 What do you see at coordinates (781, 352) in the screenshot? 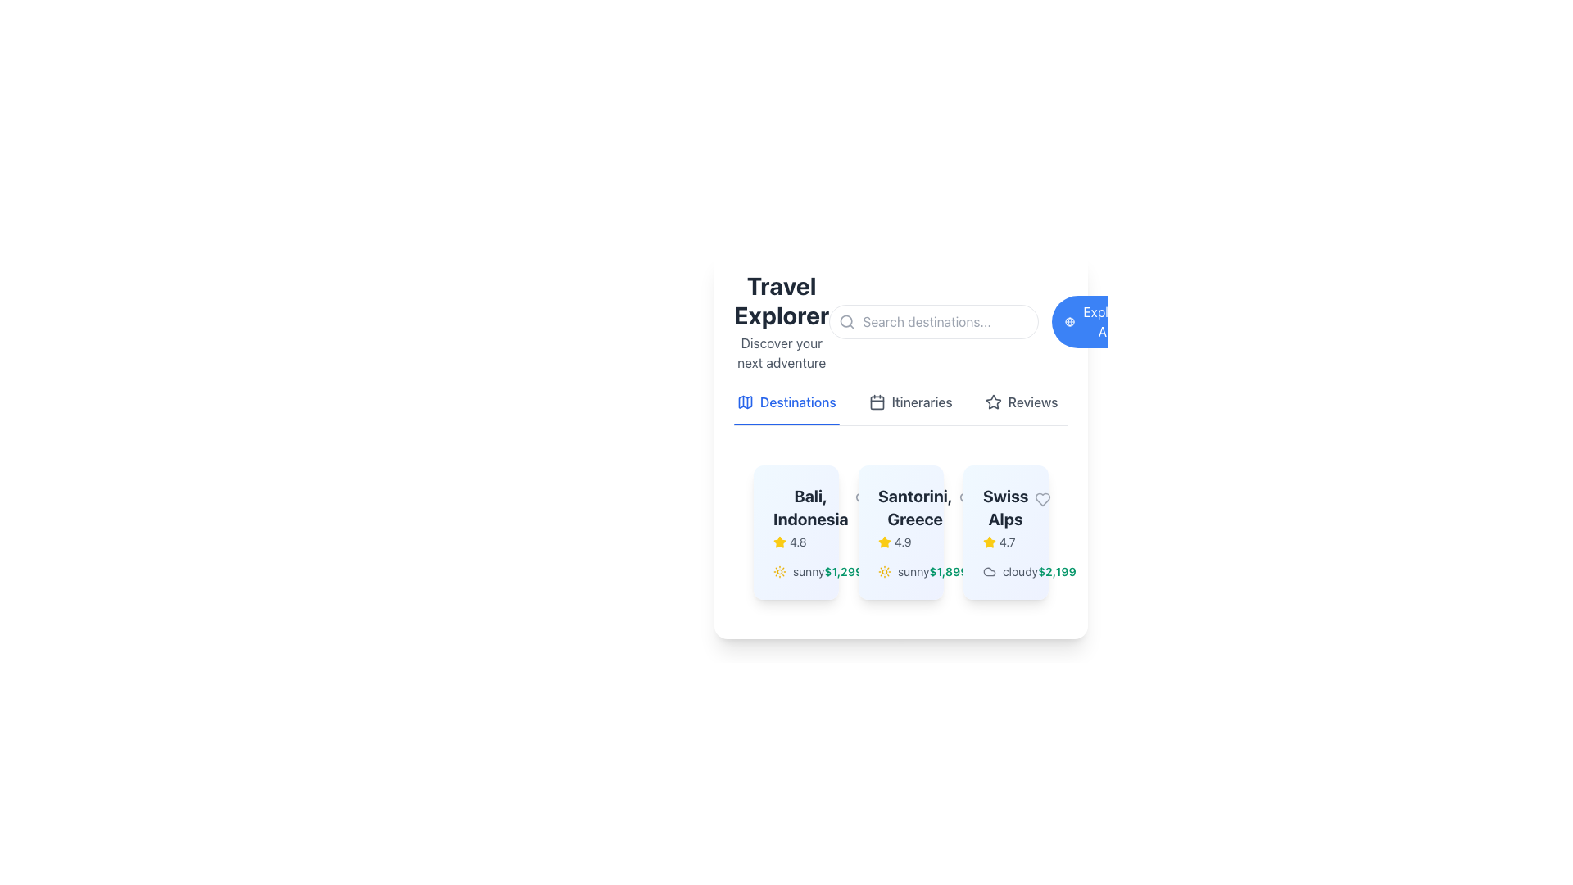
I see `text label displaying 'Discover your next adventure', which is styled with a gray font color and located directly beneath the header 'Travel Explorer'` at bounding box center [781, 352].